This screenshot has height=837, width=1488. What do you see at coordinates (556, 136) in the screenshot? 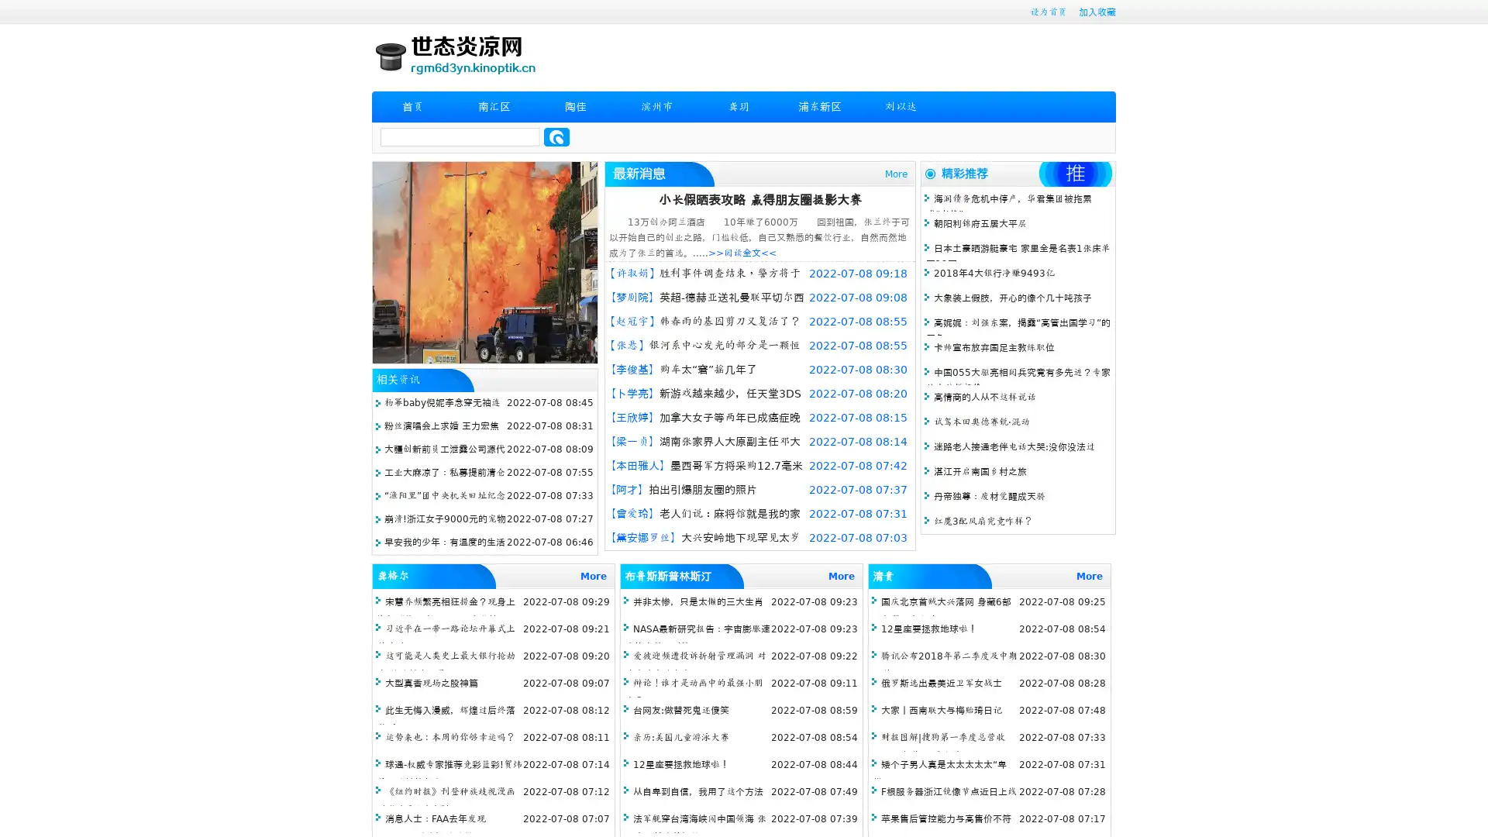
I see `Search` at bounding box center [556, 136].